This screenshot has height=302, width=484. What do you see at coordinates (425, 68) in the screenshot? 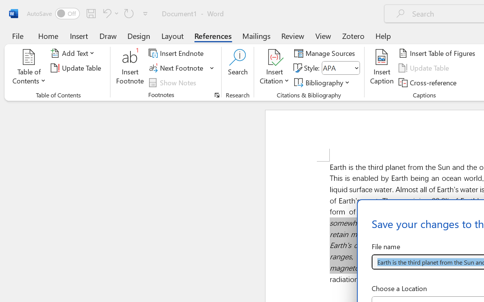
I see `'Update Table'` at bounding box center [425, 68].